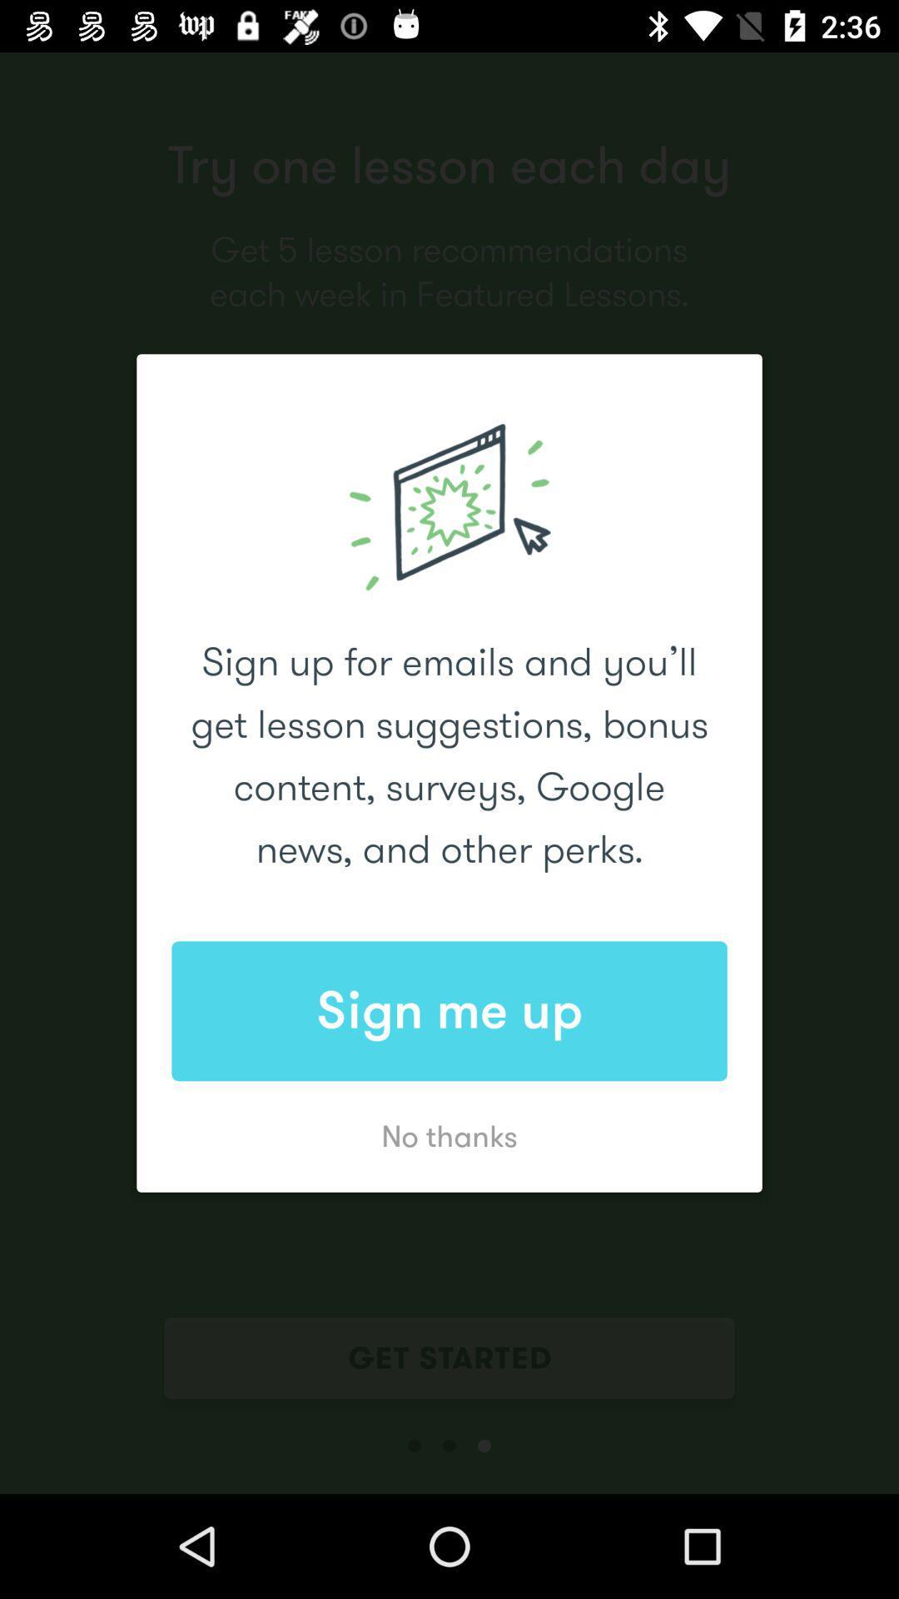 Image resolution: width=899 pixels, height=1599 pixels. What do you see at coordinates (449, 1135) in the screenshot?
I see `app below the sign me up app` at bounding box center [449, 1135].